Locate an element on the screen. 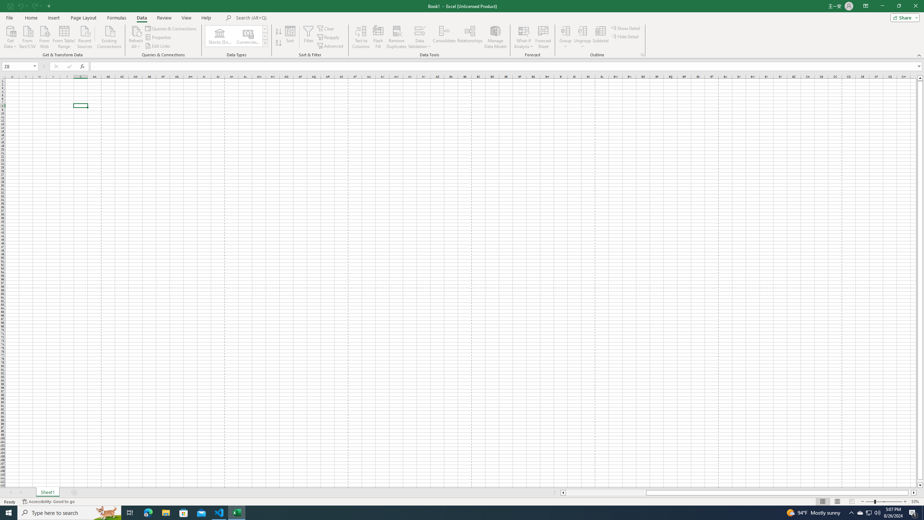  'What-If Analysis' is located at coordinates (524, 37).